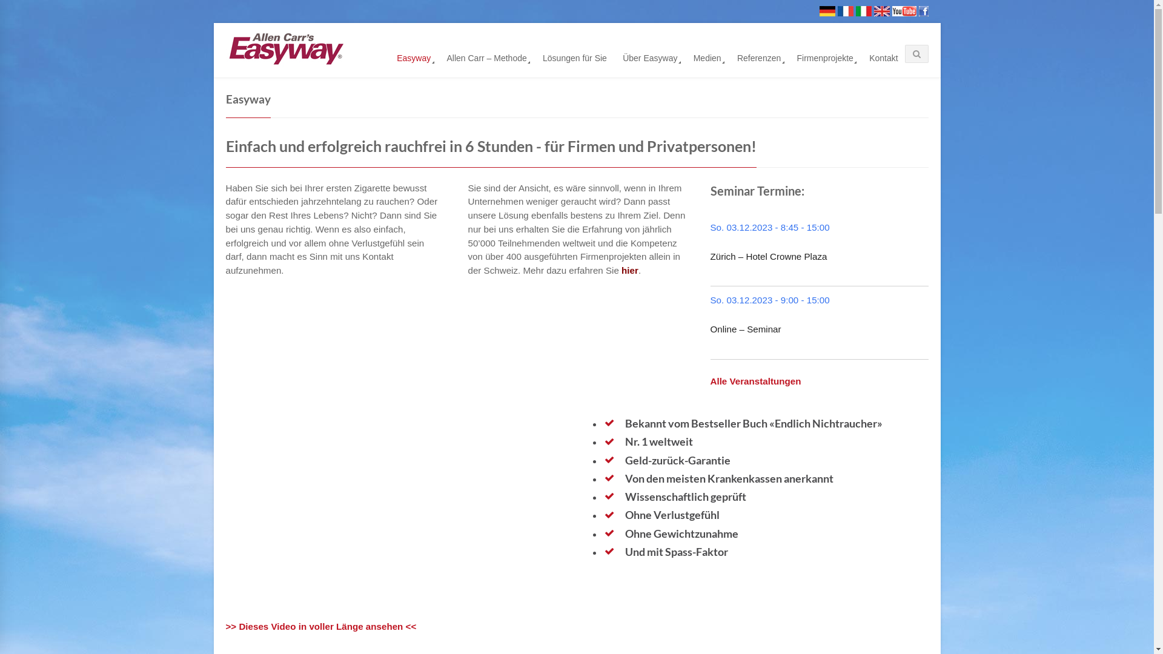 The image size is (1163, 654). Describe the element at coordinates (630, 269) in the screenshot. I see `'hier'` at that location.